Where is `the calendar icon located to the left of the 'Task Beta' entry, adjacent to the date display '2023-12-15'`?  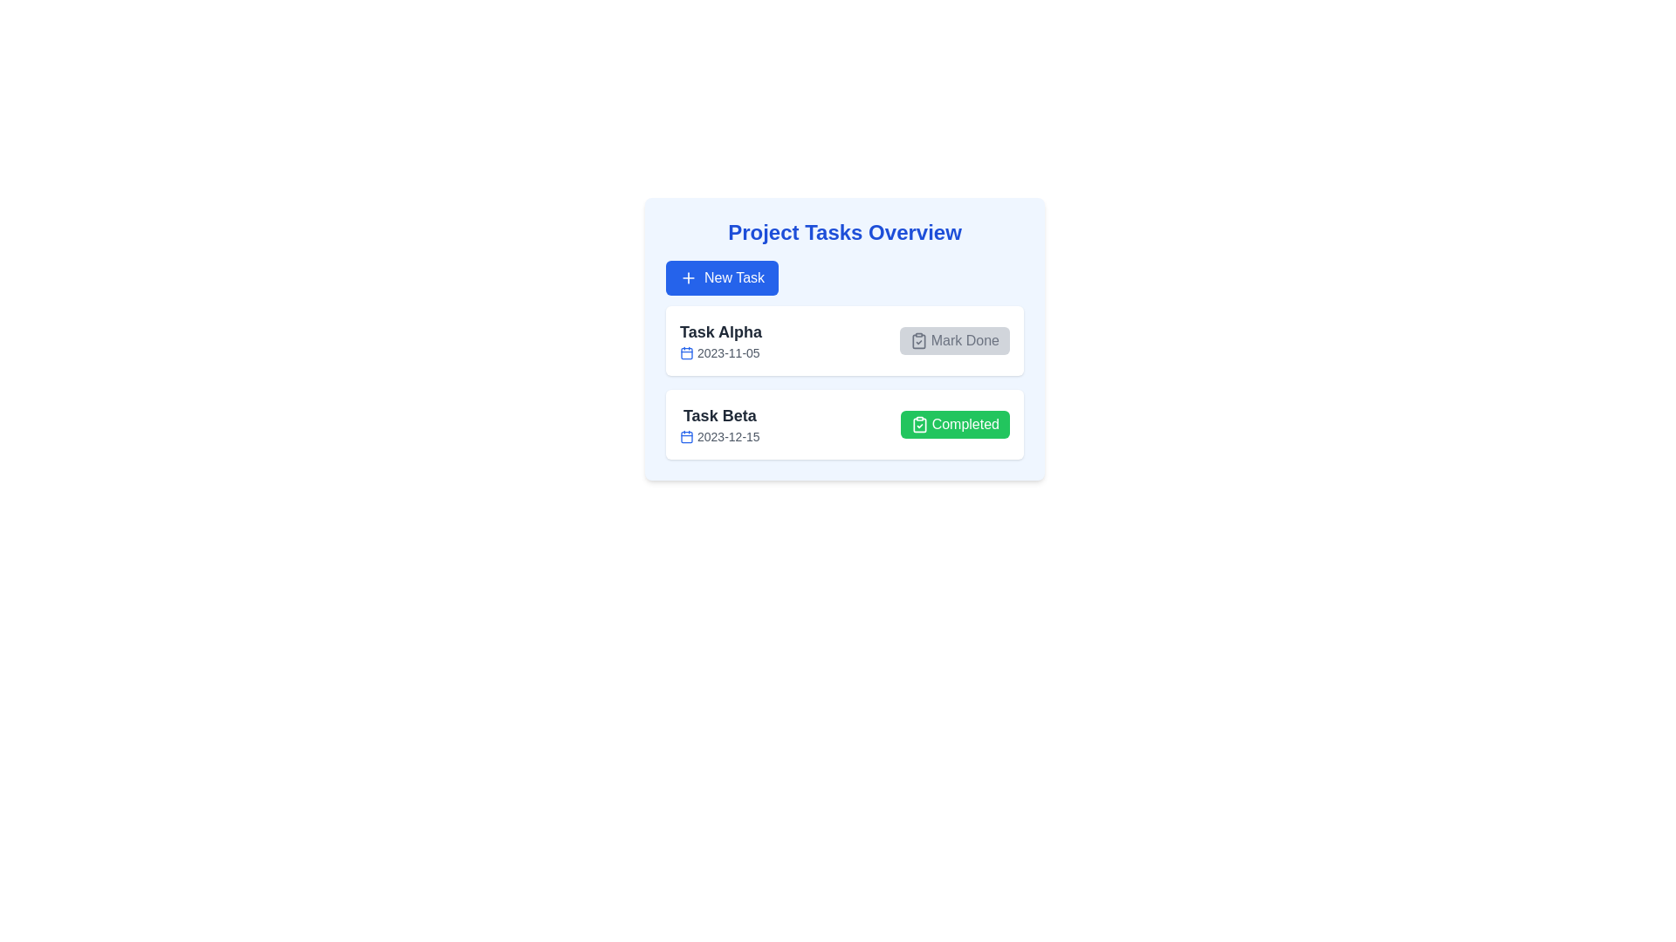 the calendar icon located to the left of the 'Task Beta' entry, adjacent to the date display '2023-12-15' is located at coordinates (686, 436).